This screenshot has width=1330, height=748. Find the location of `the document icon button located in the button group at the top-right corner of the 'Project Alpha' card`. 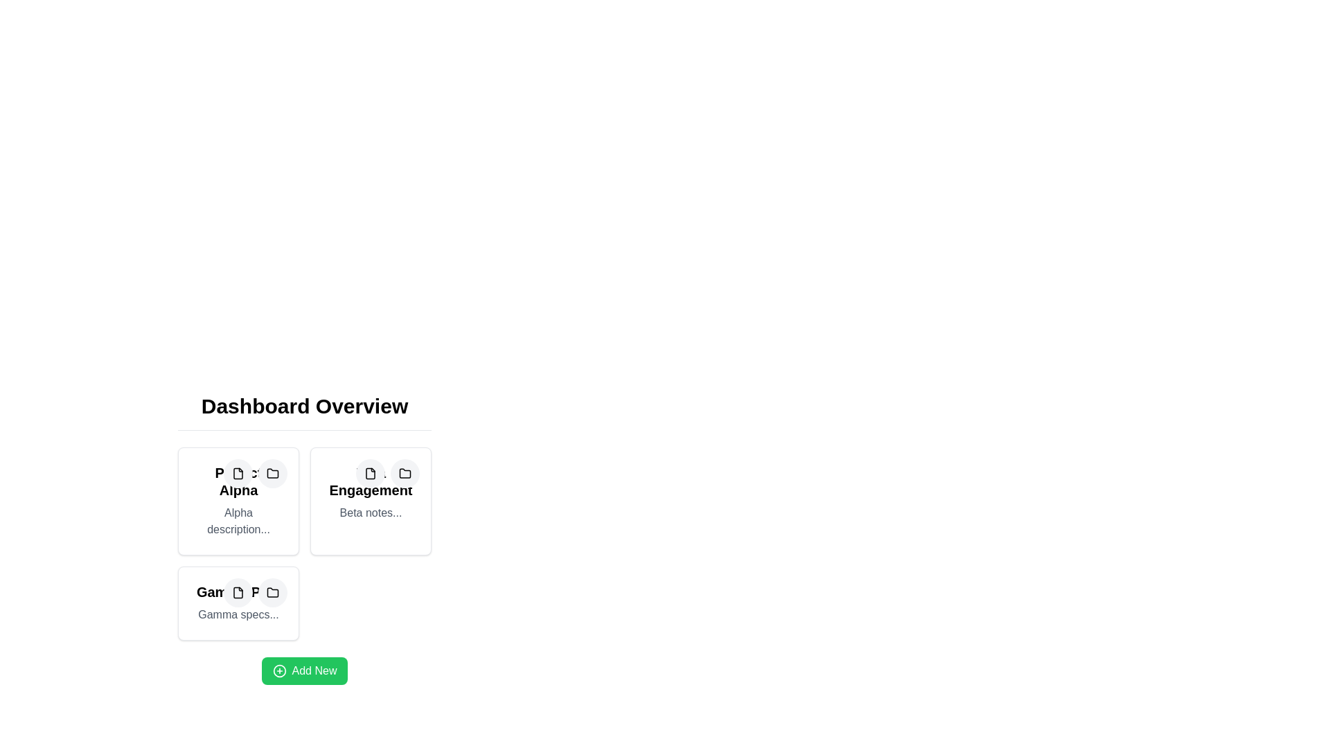

the document icon button located in the button group at the top-right corner of the 'Project Alpha' card is located at coordinates (256, 472).